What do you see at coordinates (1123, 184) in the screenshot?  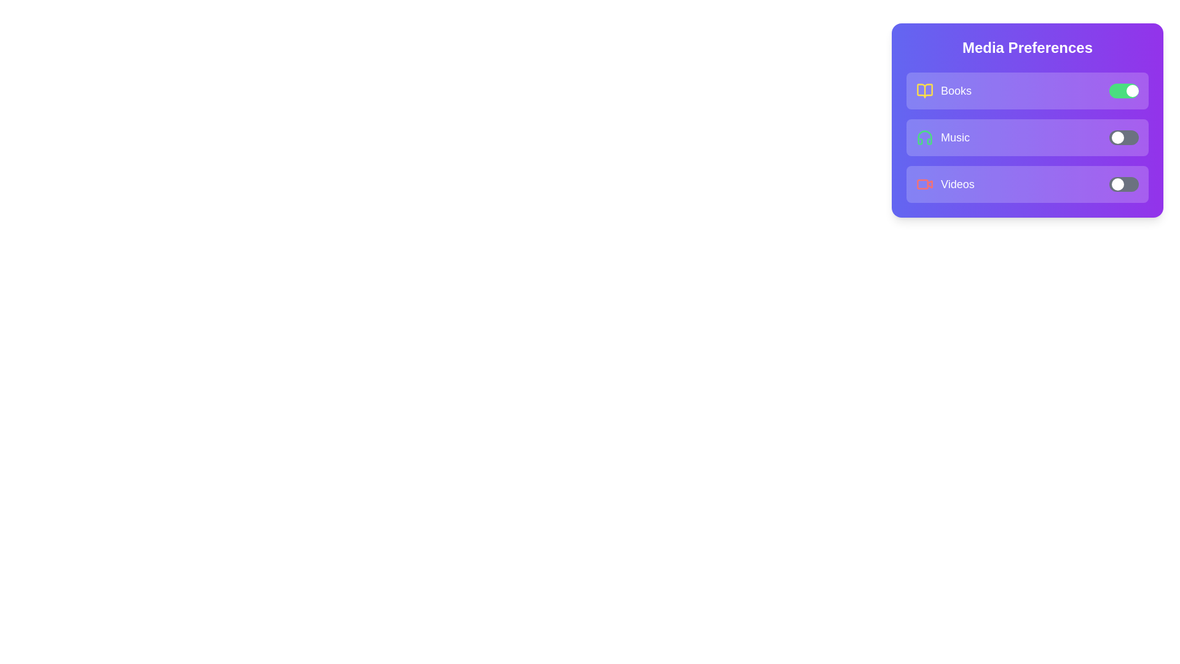 I see `the horizontal toggle switch on the right side of the 'Videos' label` at bounding box center [1123, 184].